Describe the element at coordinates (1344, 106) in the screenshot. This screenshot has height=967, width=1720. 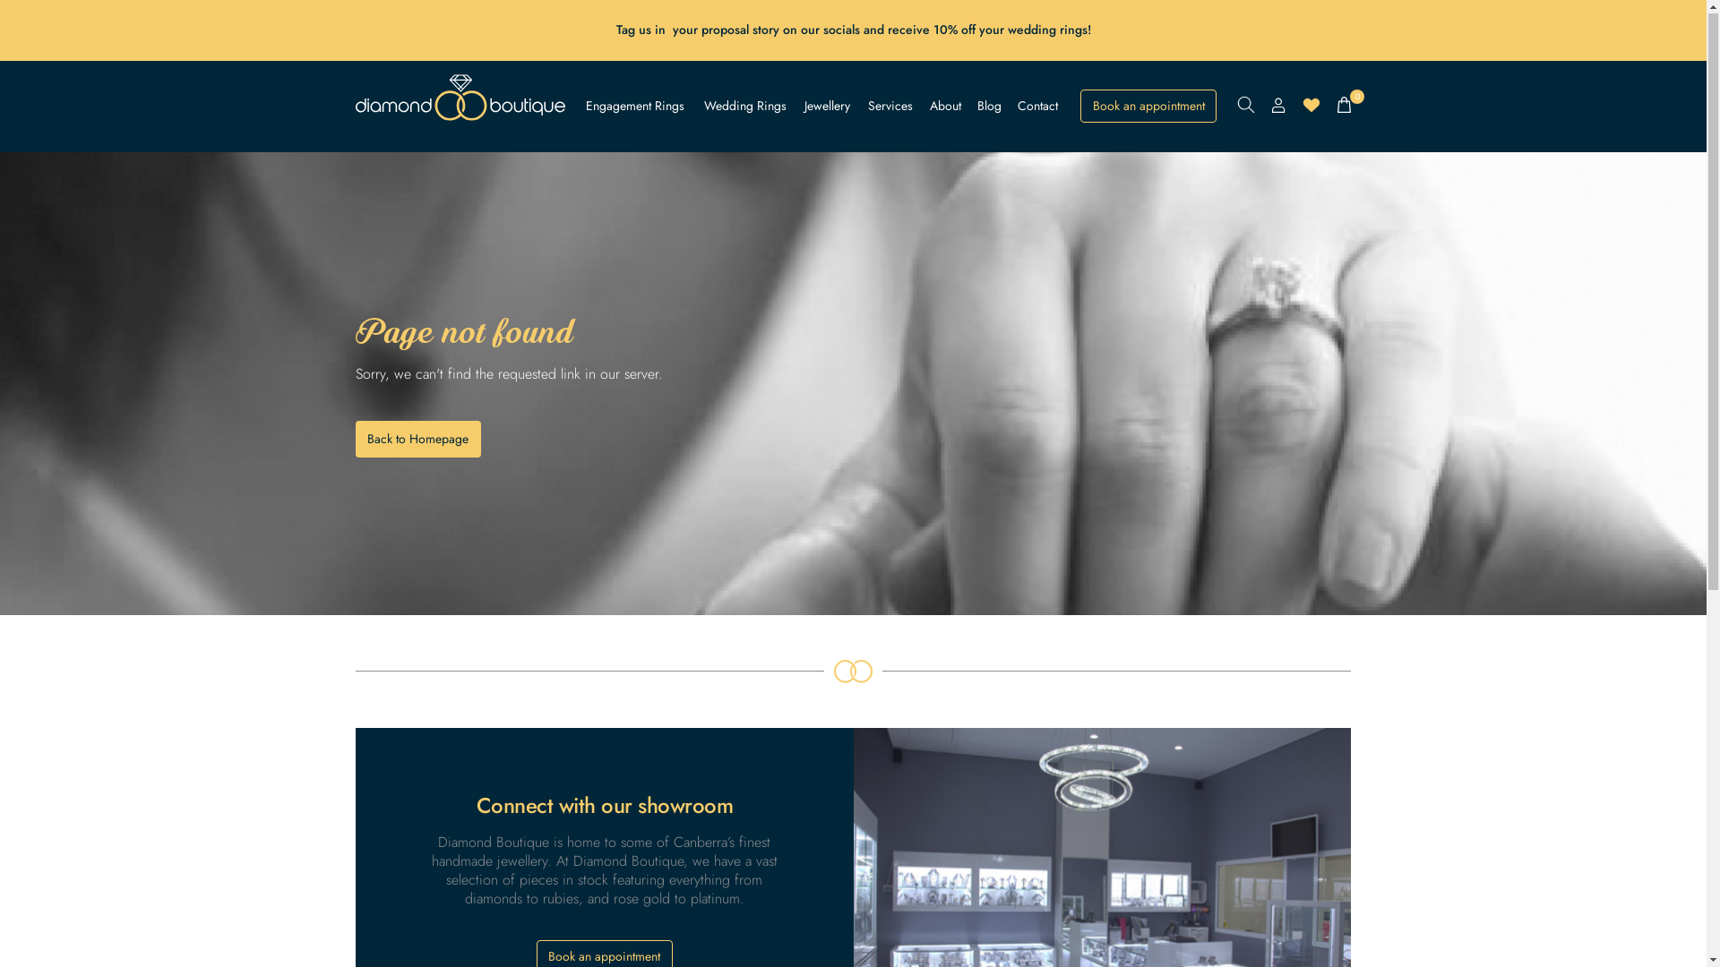
I see `'0'` at that location.